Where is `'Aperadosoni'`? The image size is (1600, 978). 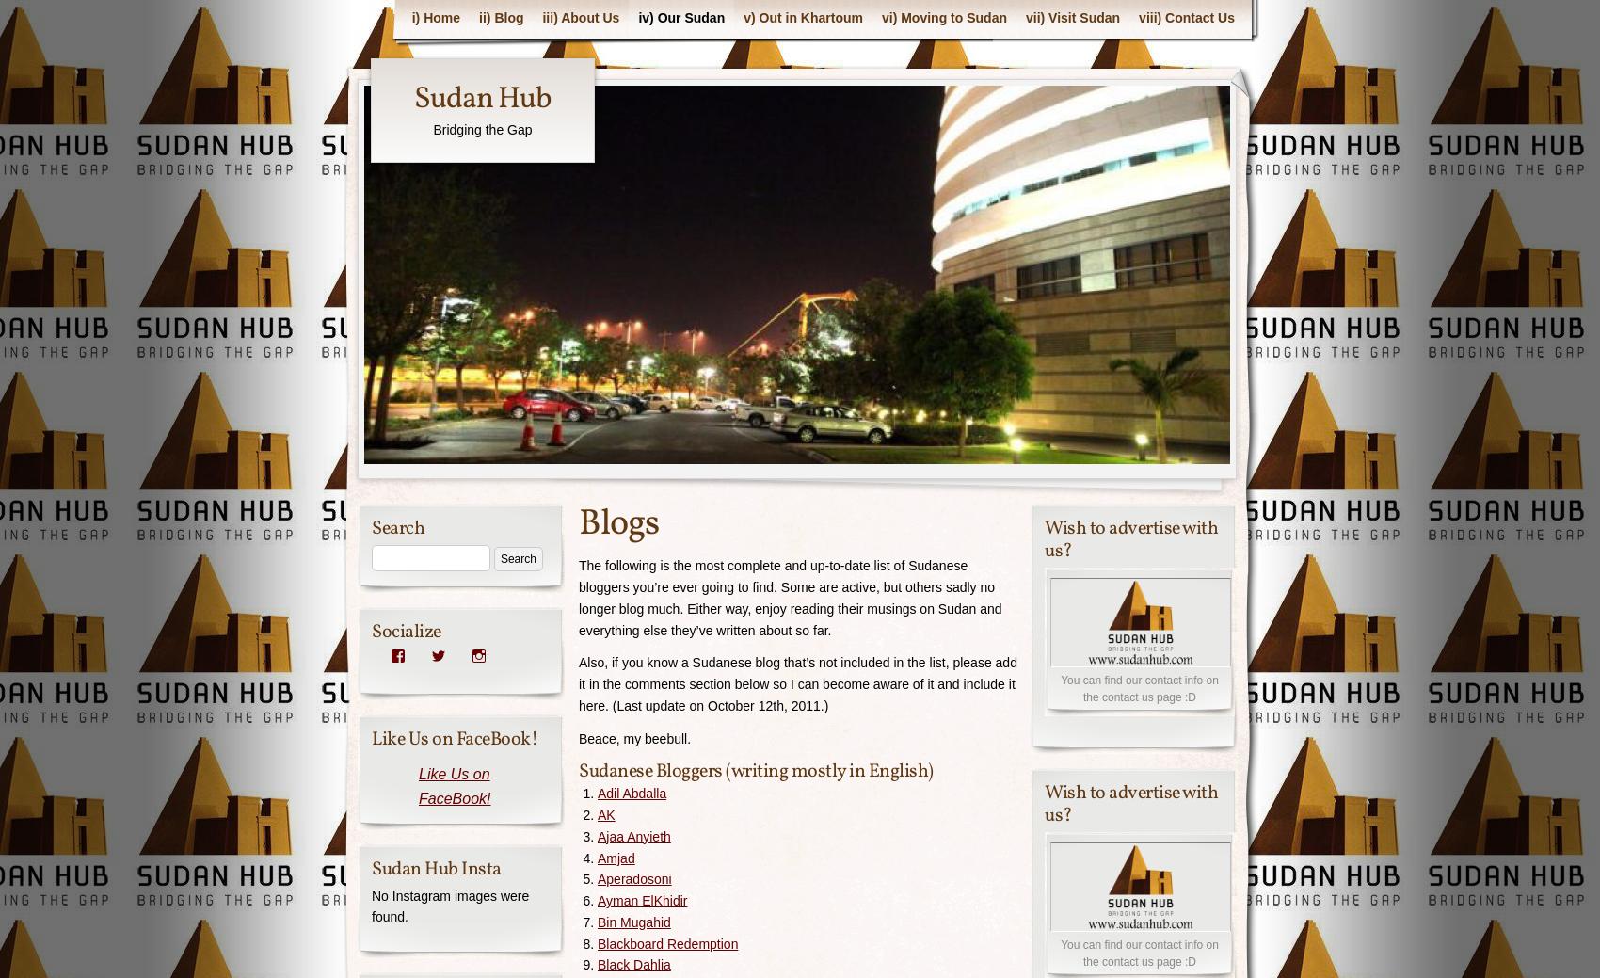
'Aperadosoni' is located at coordinates (634, 878).